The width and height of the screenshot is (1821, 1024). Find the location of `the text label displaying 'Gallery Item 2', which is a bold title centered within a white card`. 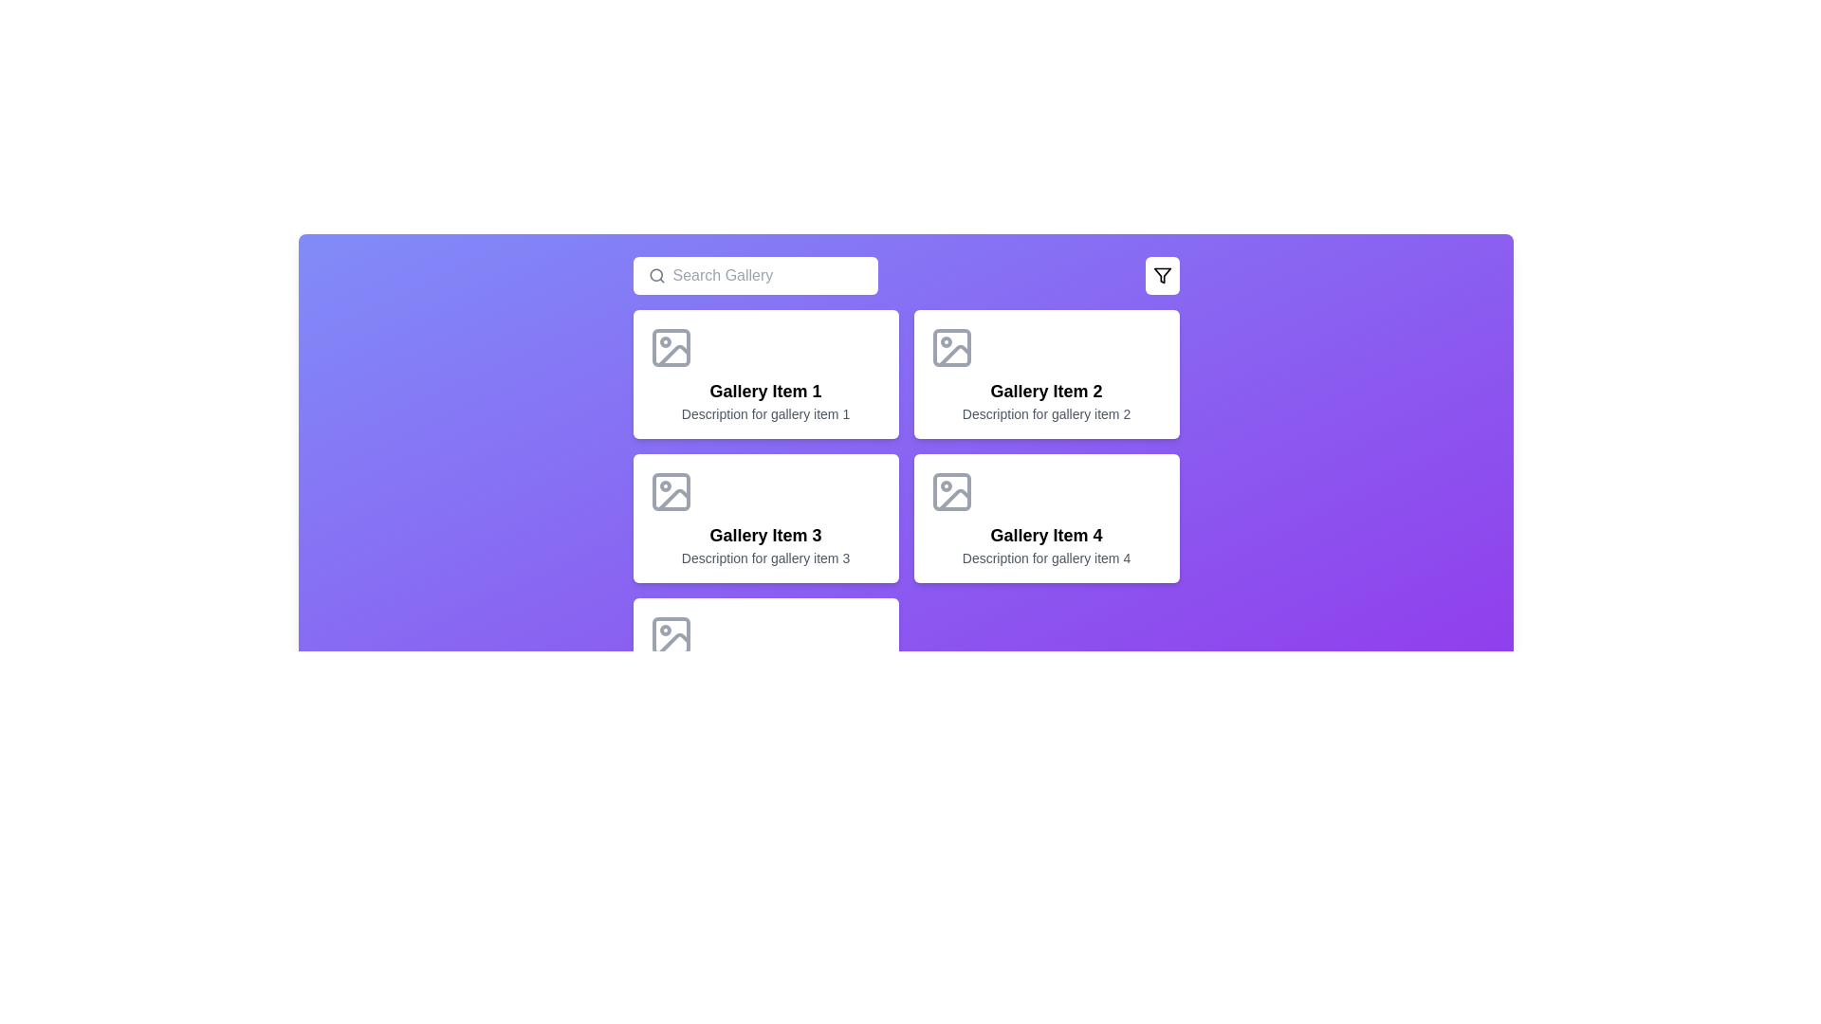

the text label displaying 'Gallery Item 2', which is a bold title centered within a white card is located at coordinates (1045, 390).